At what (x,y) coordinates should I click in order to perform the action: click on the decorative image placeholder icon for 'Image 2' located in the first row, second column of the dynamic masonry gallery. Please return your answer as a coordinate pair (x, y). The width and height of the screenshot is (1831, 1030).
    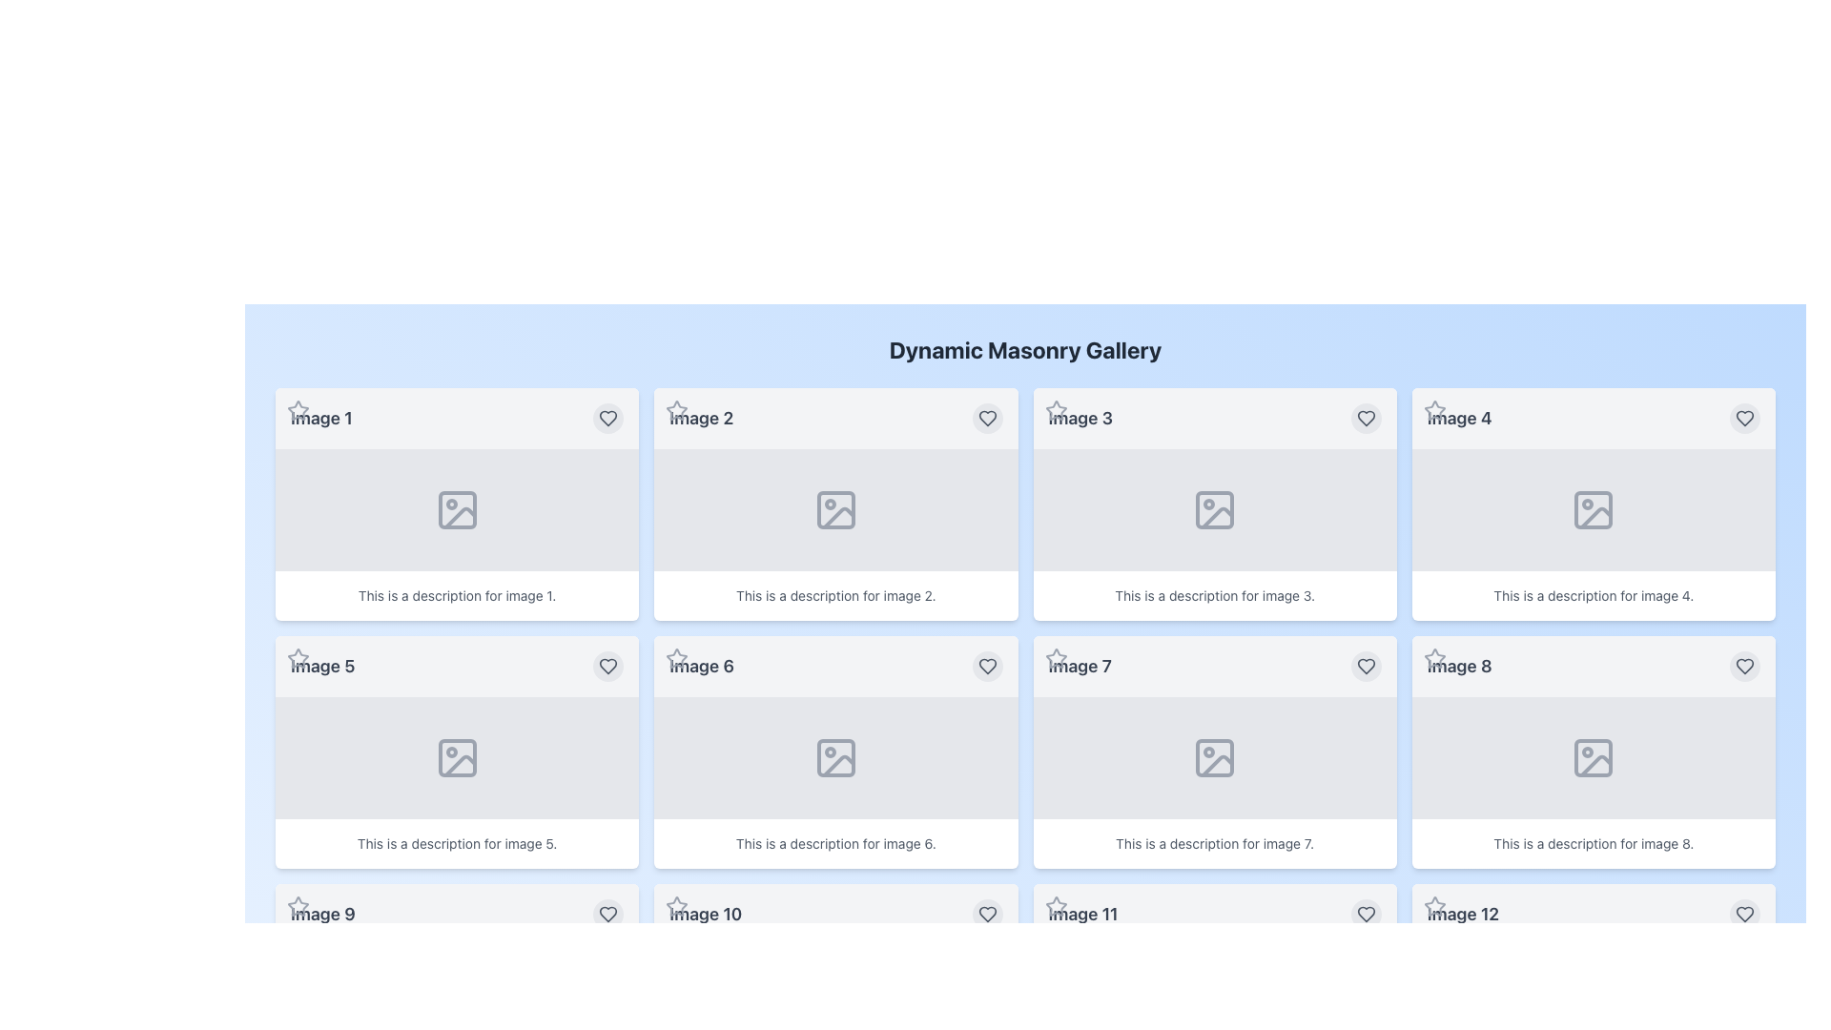
    Looking at the image, I should click on (835, 509).